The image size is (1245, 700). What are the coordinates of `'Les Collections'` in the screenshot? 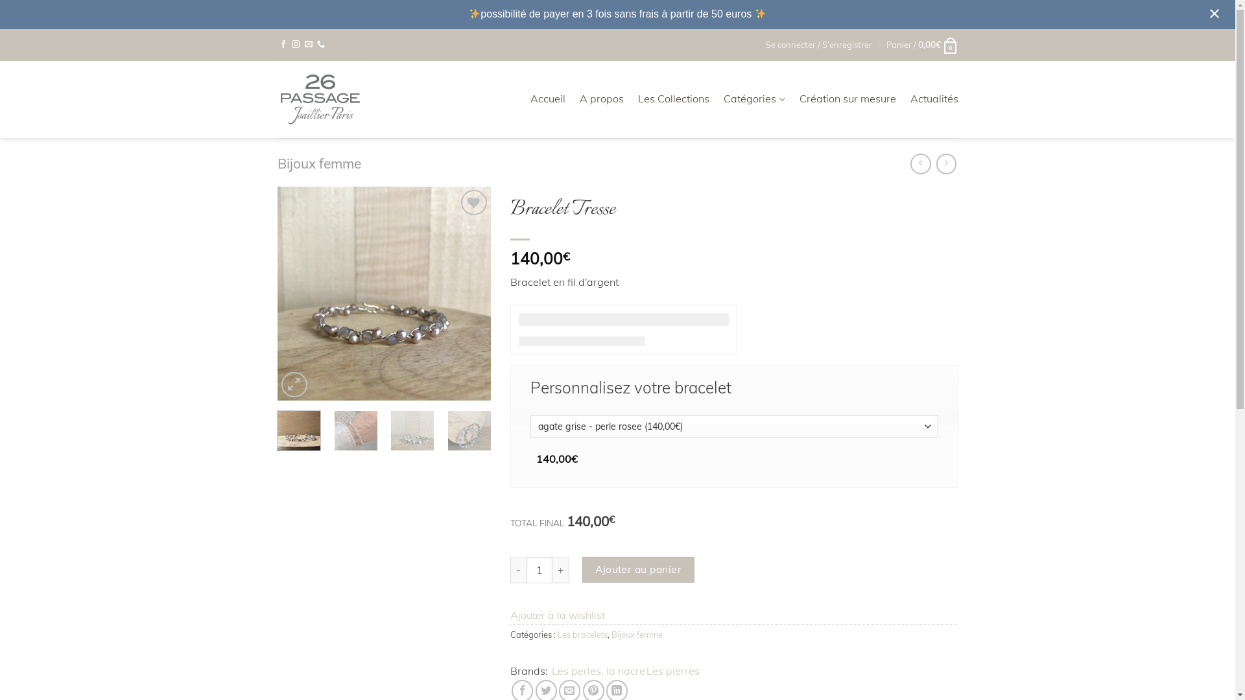 It's located at (637, 99).